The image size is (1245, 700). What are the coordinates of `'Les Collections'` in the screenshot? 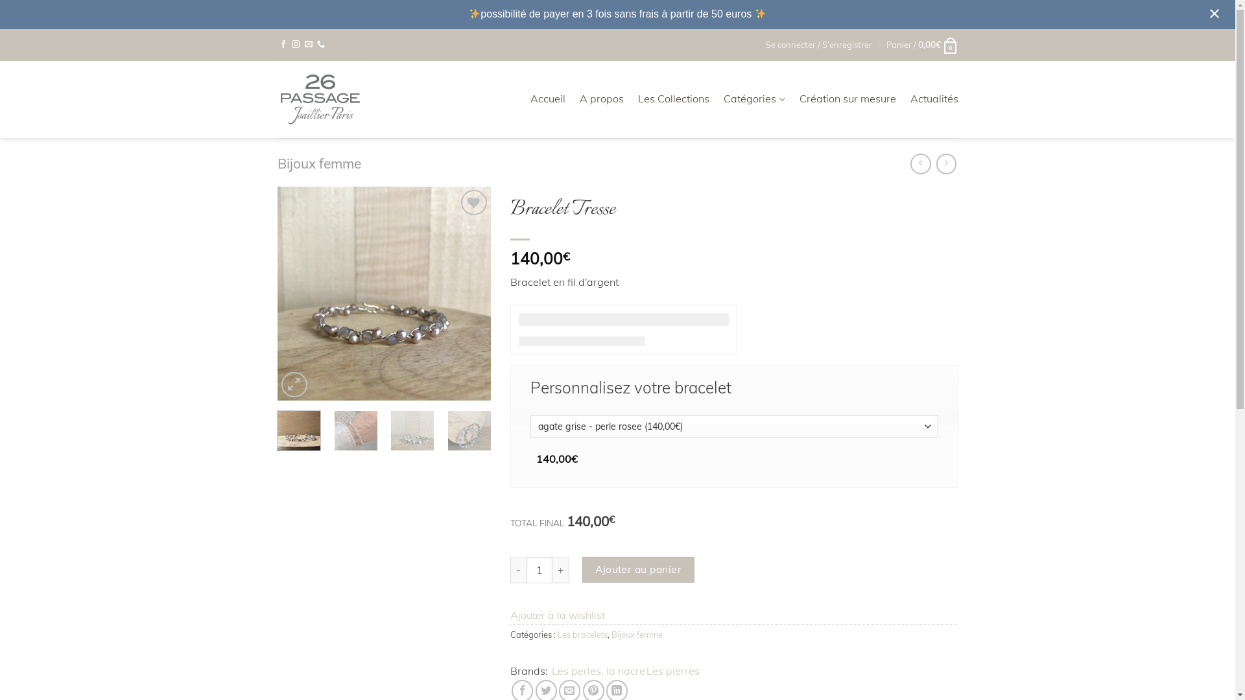 It's located at (637, 99).